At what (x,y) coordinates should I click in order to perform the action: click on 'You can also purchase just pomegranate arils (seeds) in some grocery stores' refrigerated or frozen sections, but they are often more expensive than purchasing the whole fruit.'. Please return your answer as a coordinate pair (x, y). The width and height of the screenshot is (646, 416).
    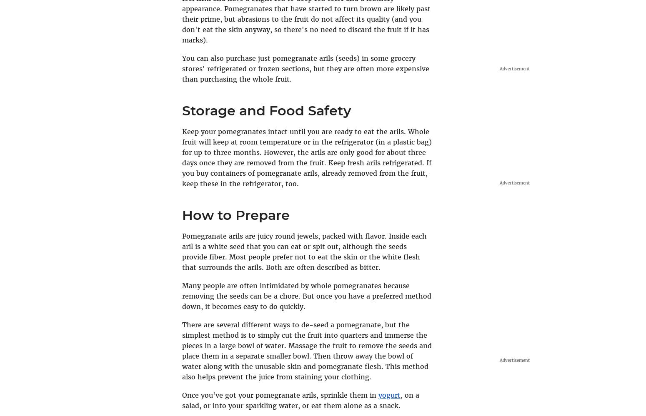
    Looking at the image, I should click on (305, 68).